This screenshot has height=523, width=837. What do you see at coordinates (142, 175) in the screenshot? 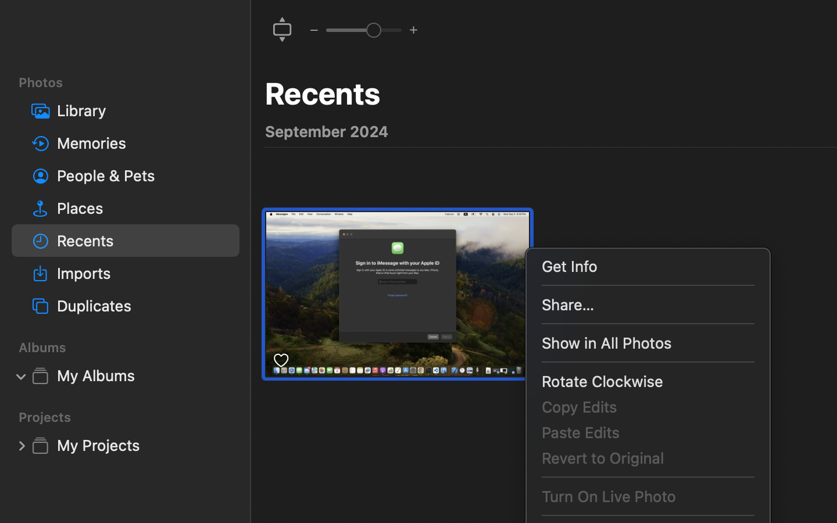
I see `'People & Pets'` at bounding box center [142, 175].